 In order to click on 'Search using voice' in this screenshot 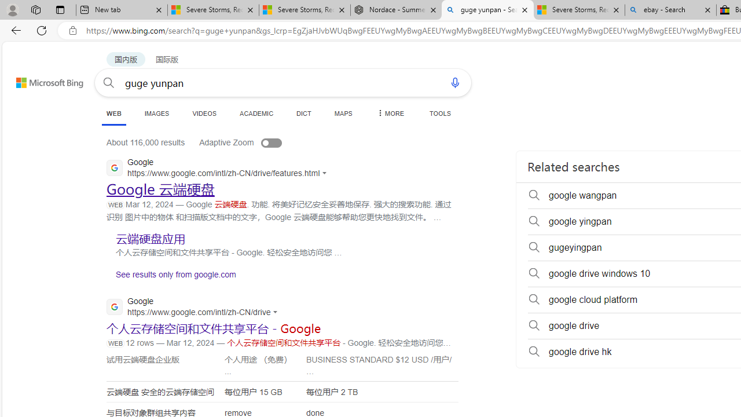, I will do `click(454, 82)`.